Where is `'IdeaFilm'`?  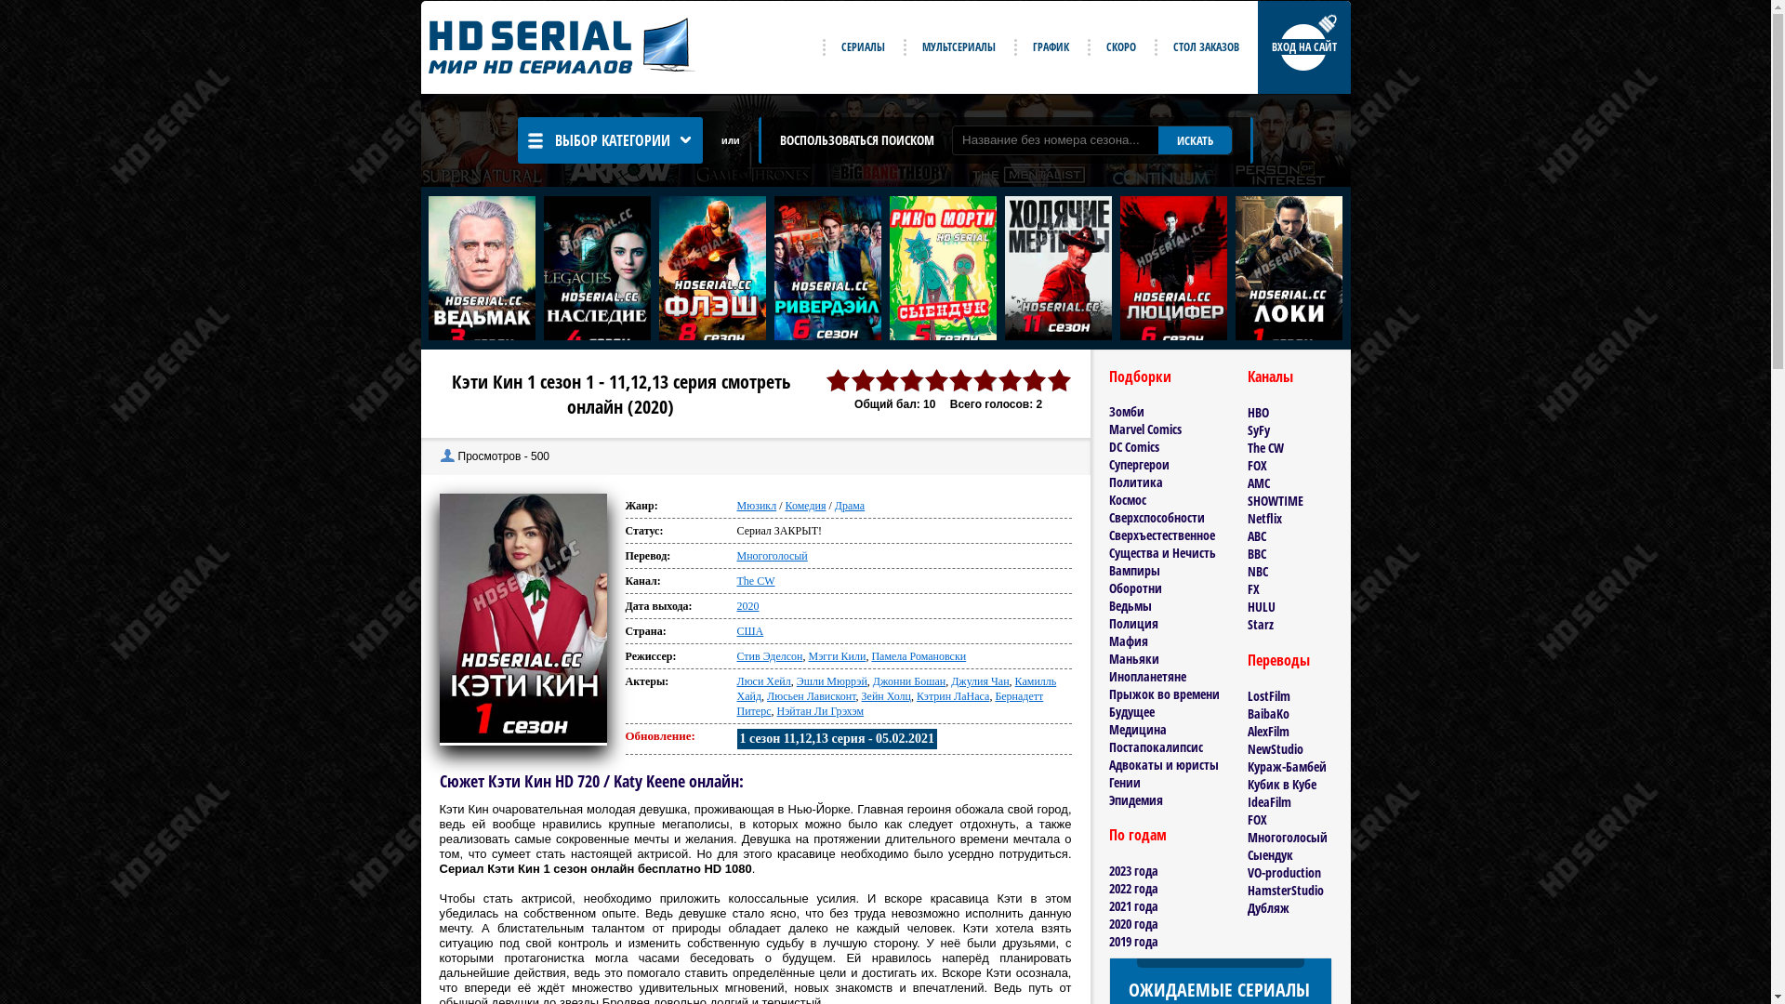 'IdeaFilm' is located at coordinates (1268, 800).